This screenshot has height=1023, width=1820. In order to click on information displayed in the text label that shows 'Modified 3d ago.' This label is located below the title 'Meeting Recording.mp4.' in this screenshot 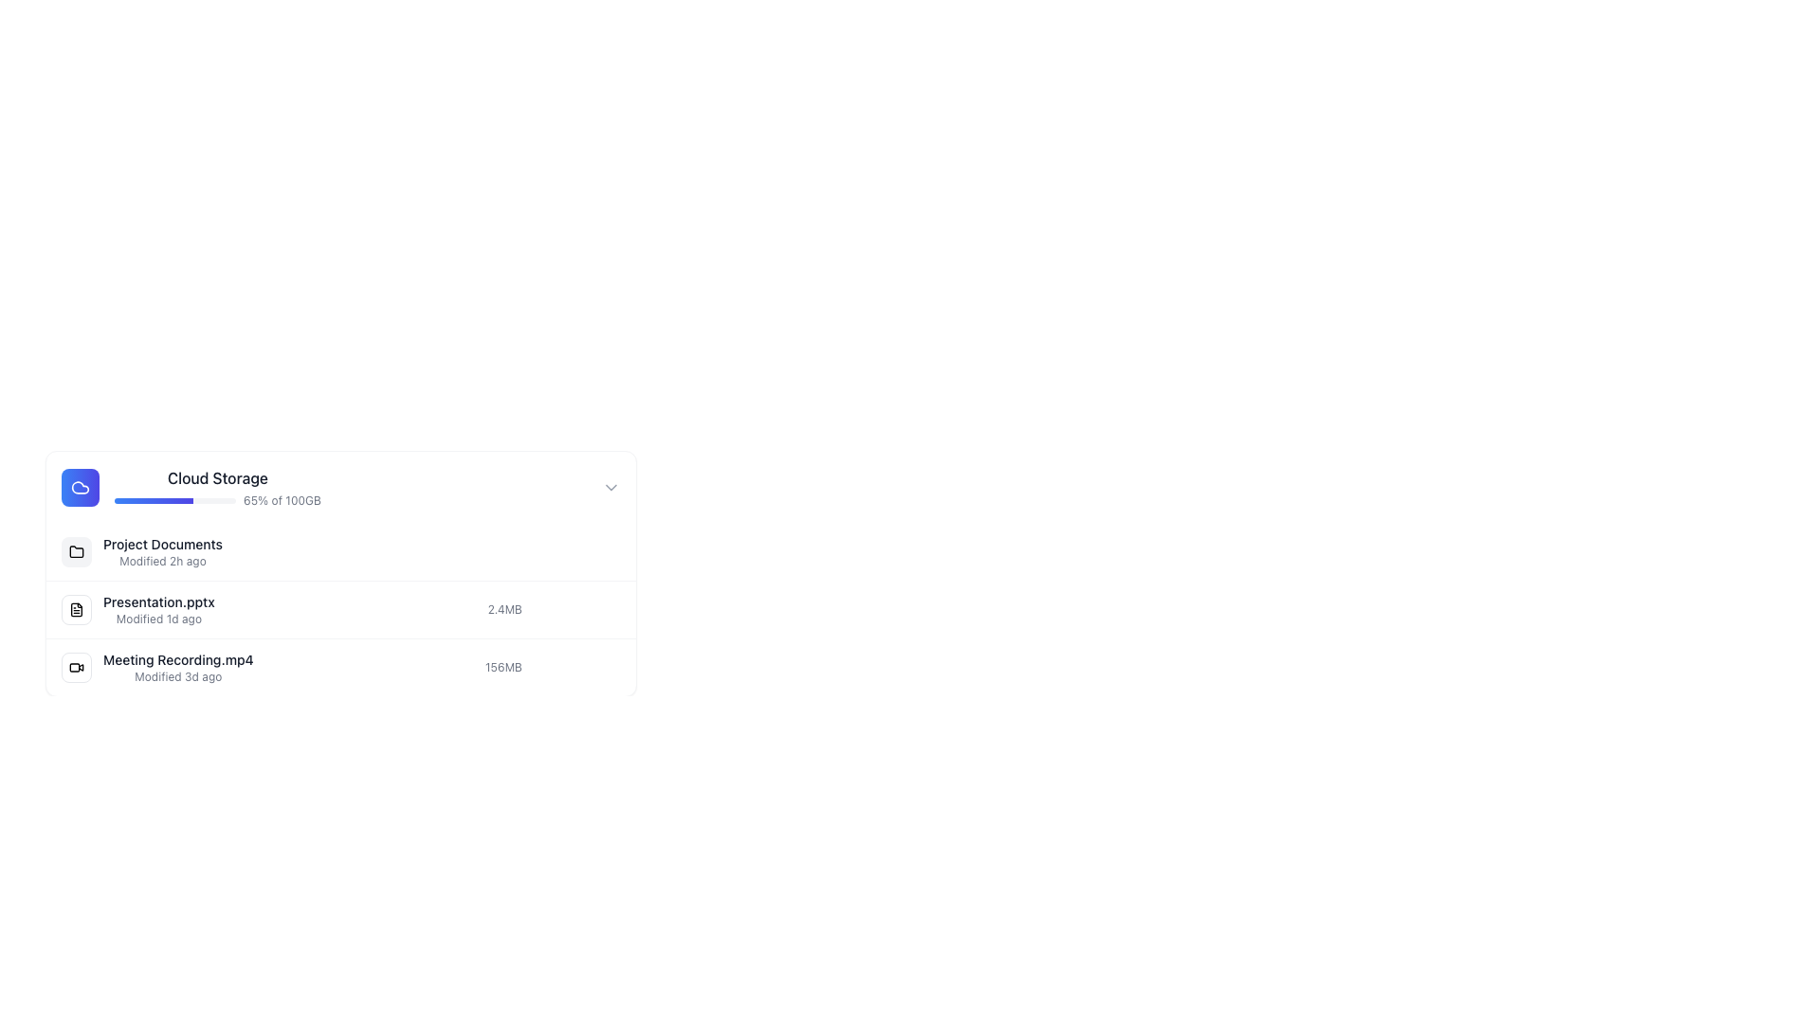, I will do `click(178, 675)`.